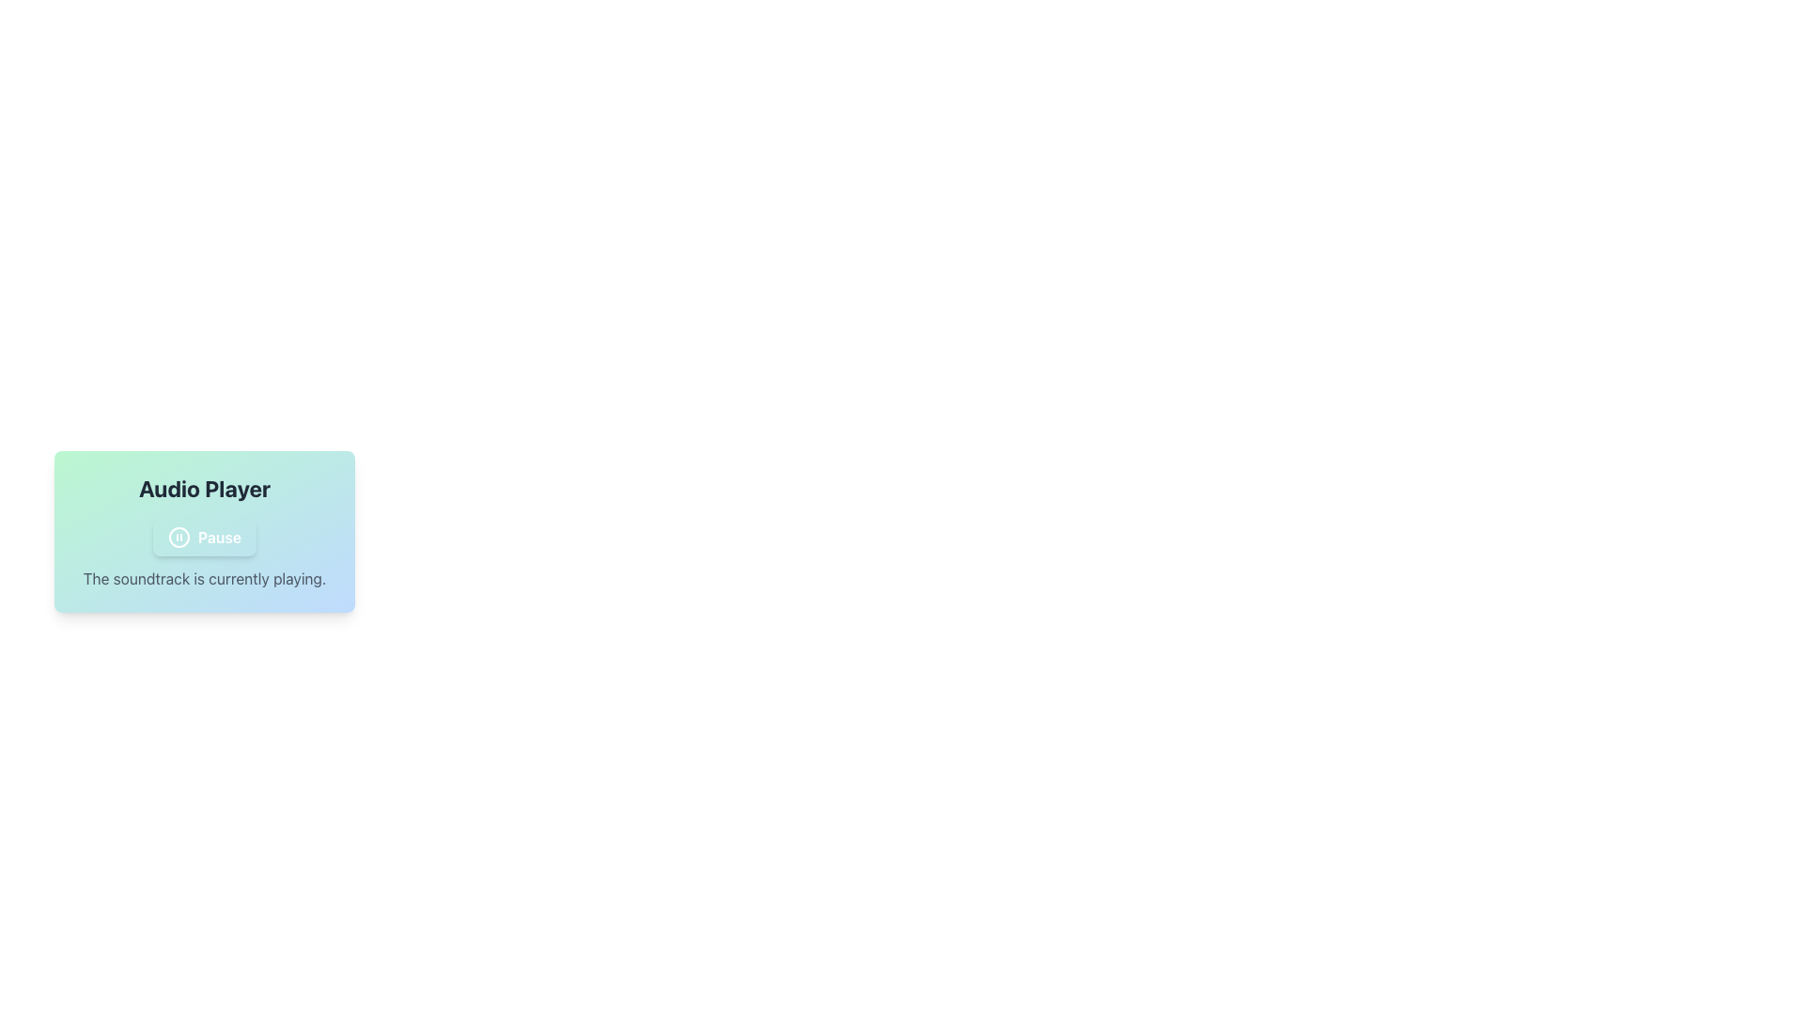 The image size is (1804, 1015). Describe the element at coordinates (204, 488) in the screenshot. I see `the 'Audio Player' text label, which is styled in bold and large font, located at the top-center of the gradient background card` at that location.